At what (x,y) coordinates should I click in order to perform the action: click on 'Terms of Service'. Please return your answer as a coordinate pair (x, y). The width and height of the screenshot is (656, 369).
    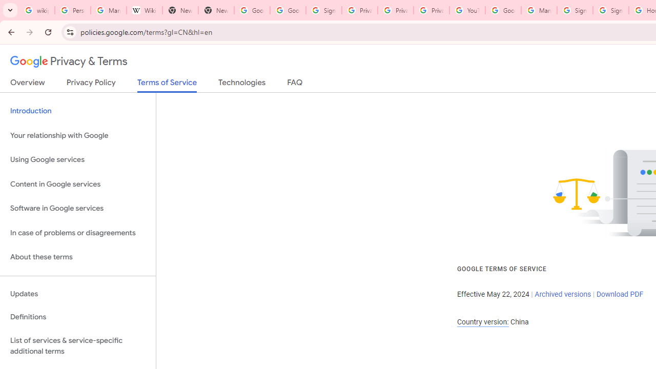
    Looking at the image, I should click on (167, 85).